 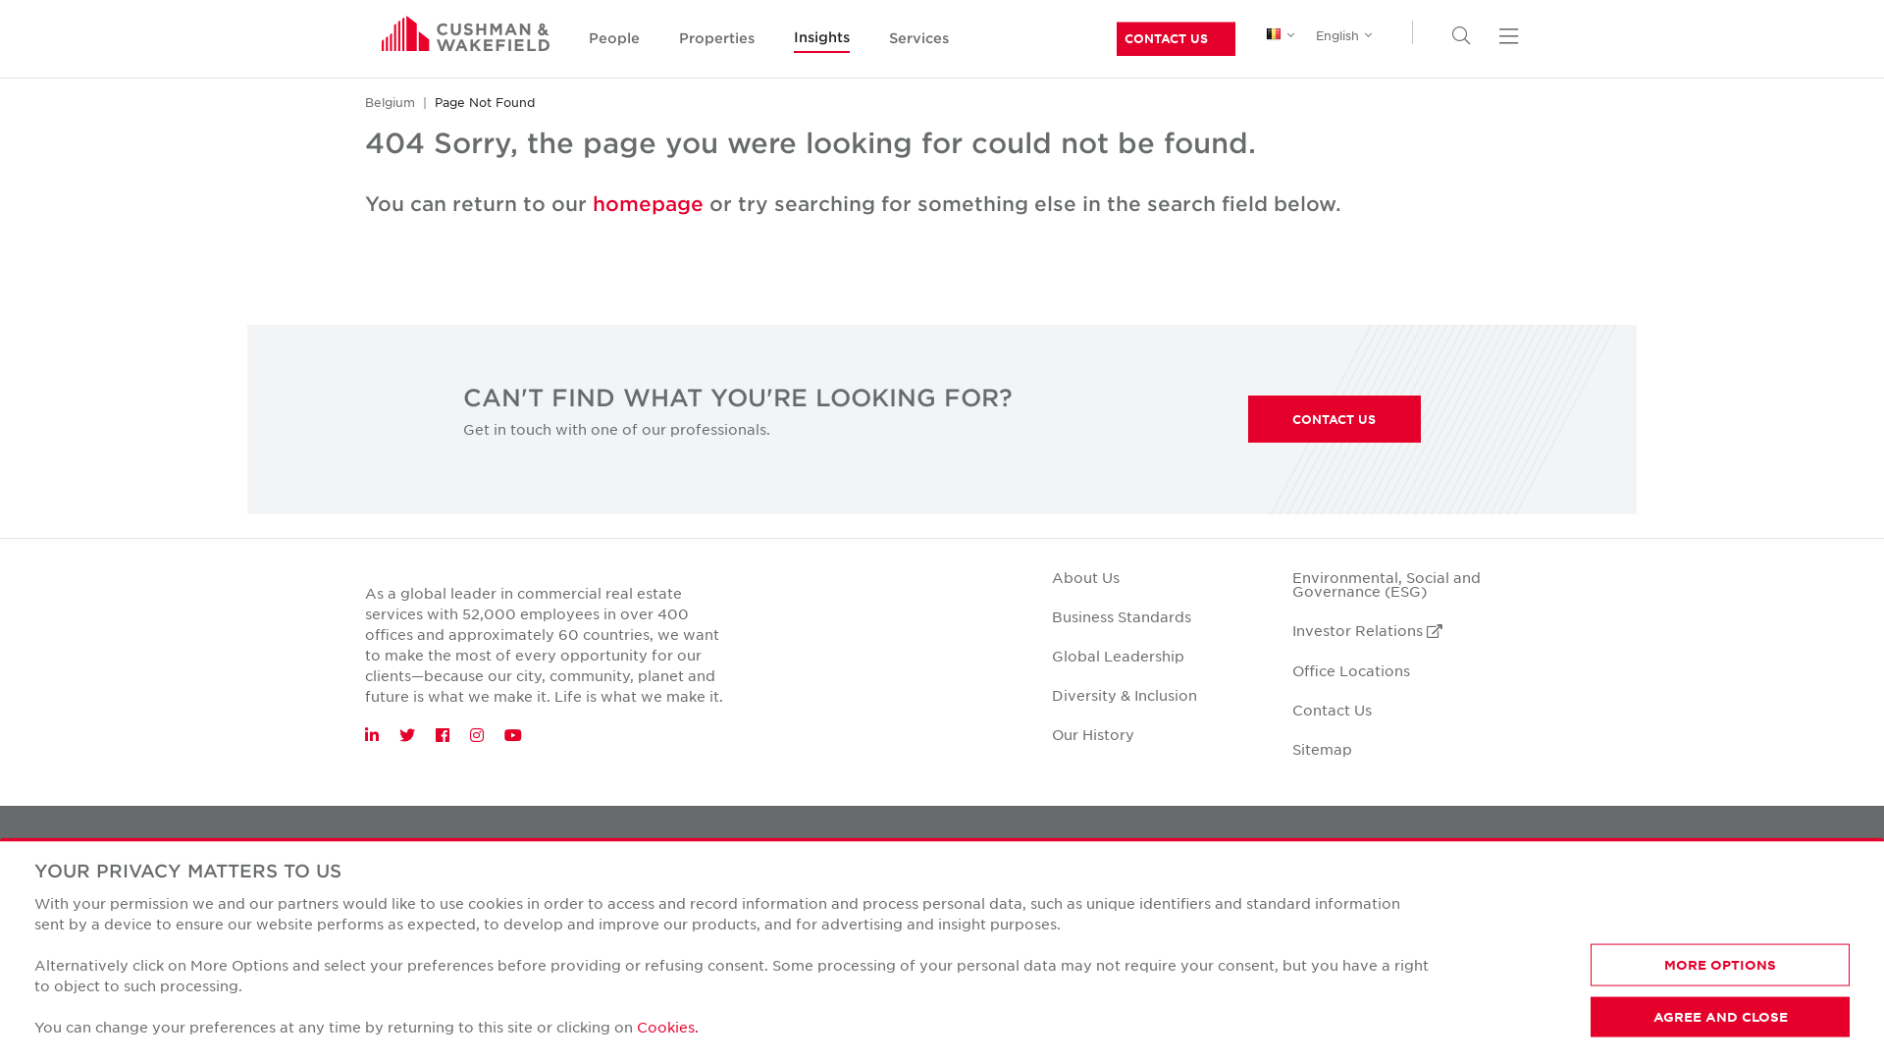 I want to click on 'Belgium', so click(x=390, y=102).